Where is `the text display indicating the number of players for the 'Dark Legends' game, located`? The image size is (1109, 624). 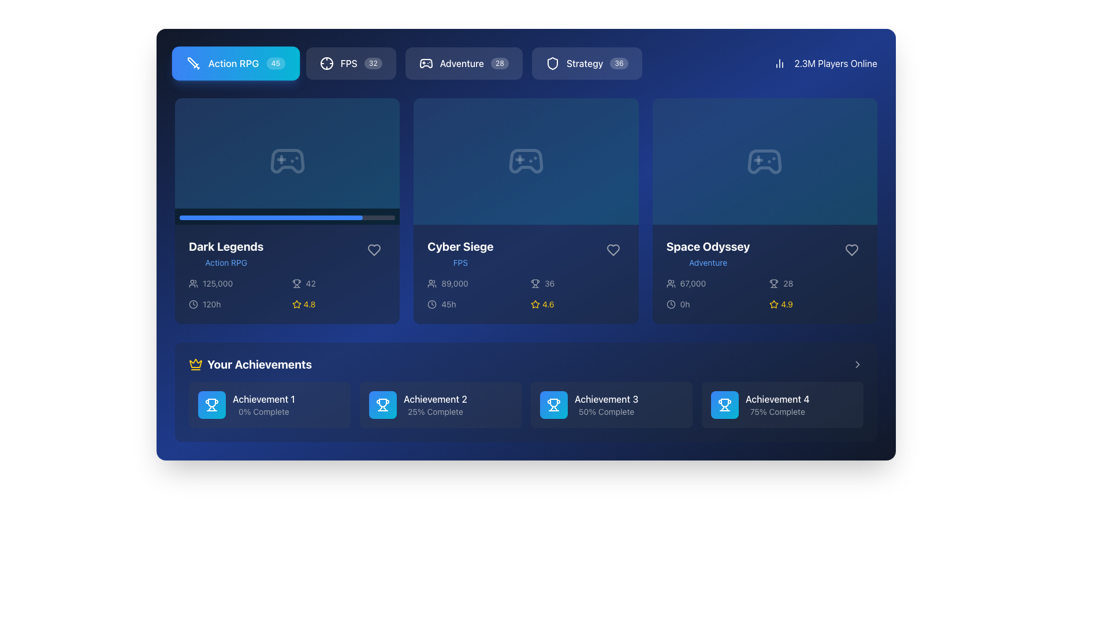 the text display indicating the number of players for the 'Dark Legends' game, located is located at coordinates (218, 283).